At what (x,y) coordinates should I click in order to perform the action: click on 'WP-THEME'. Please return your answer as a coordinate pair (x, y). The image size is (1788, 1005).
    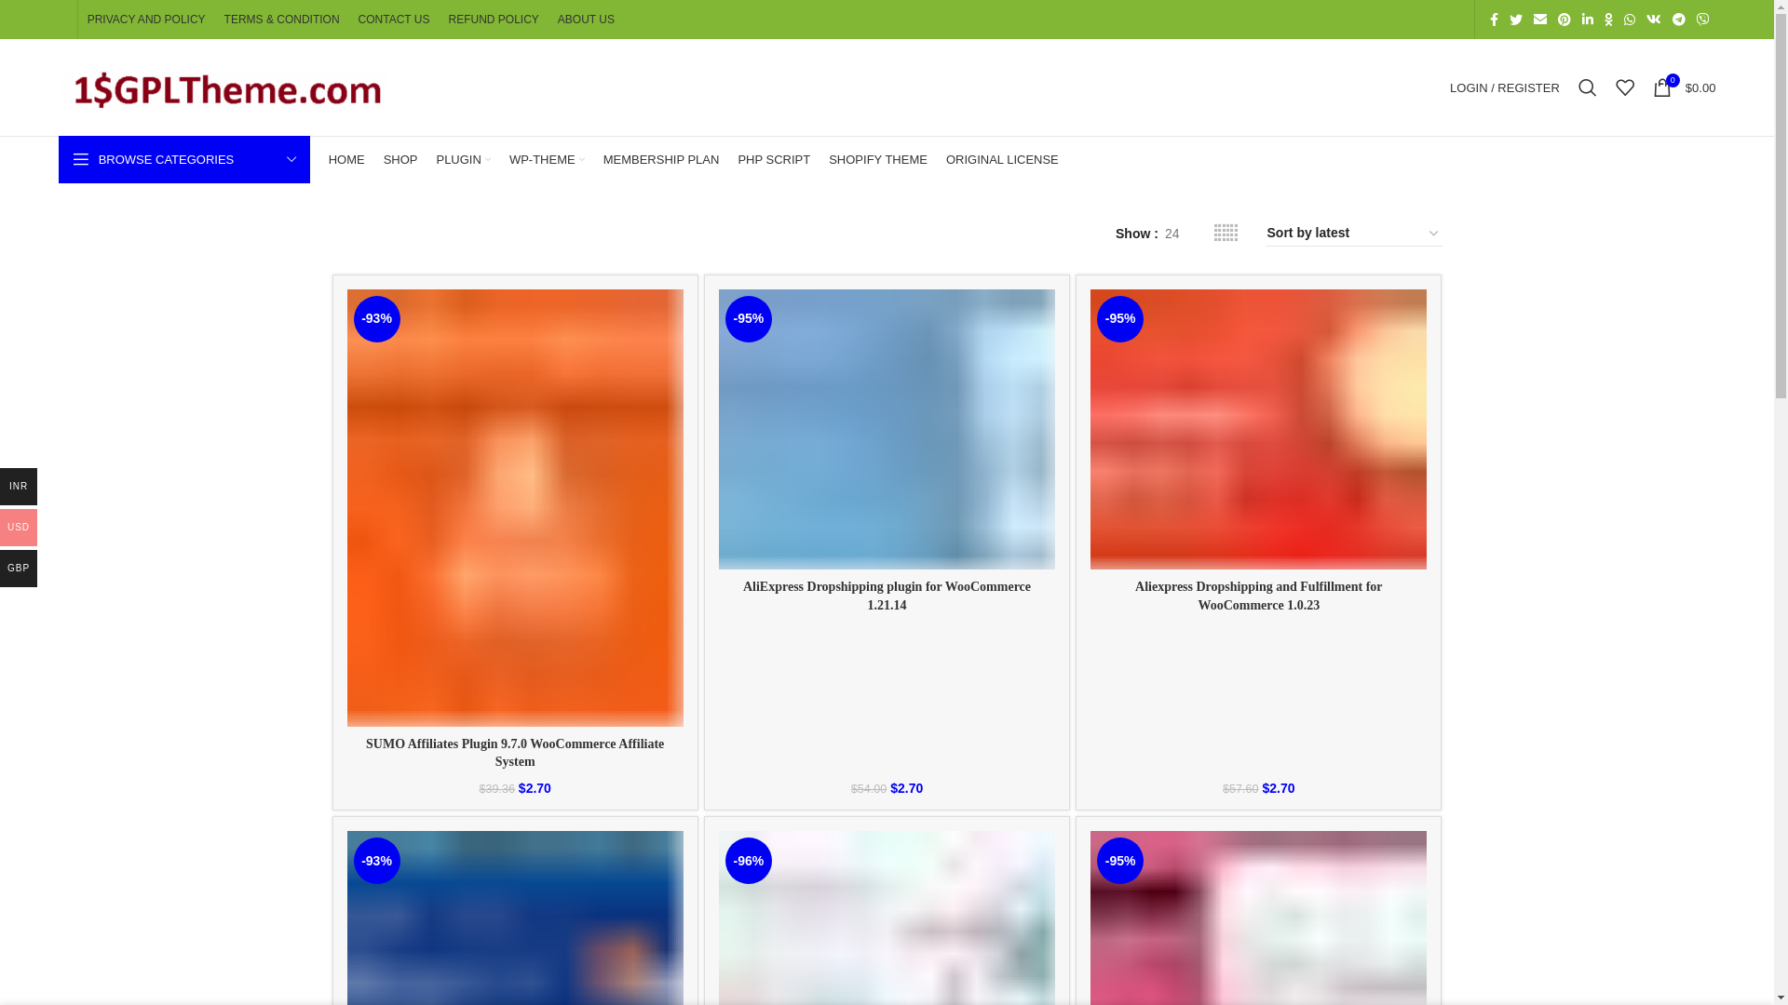
    Looking at the image, I should click on (546, 159).